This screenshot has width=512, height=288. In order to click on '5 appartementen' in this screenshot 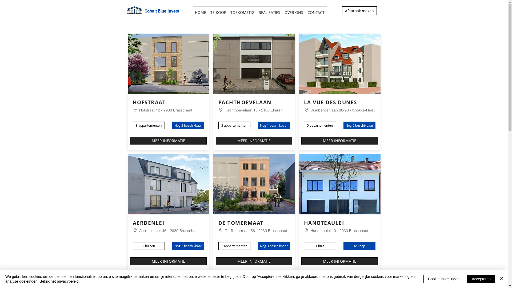, I will do `click(320, 125)`.